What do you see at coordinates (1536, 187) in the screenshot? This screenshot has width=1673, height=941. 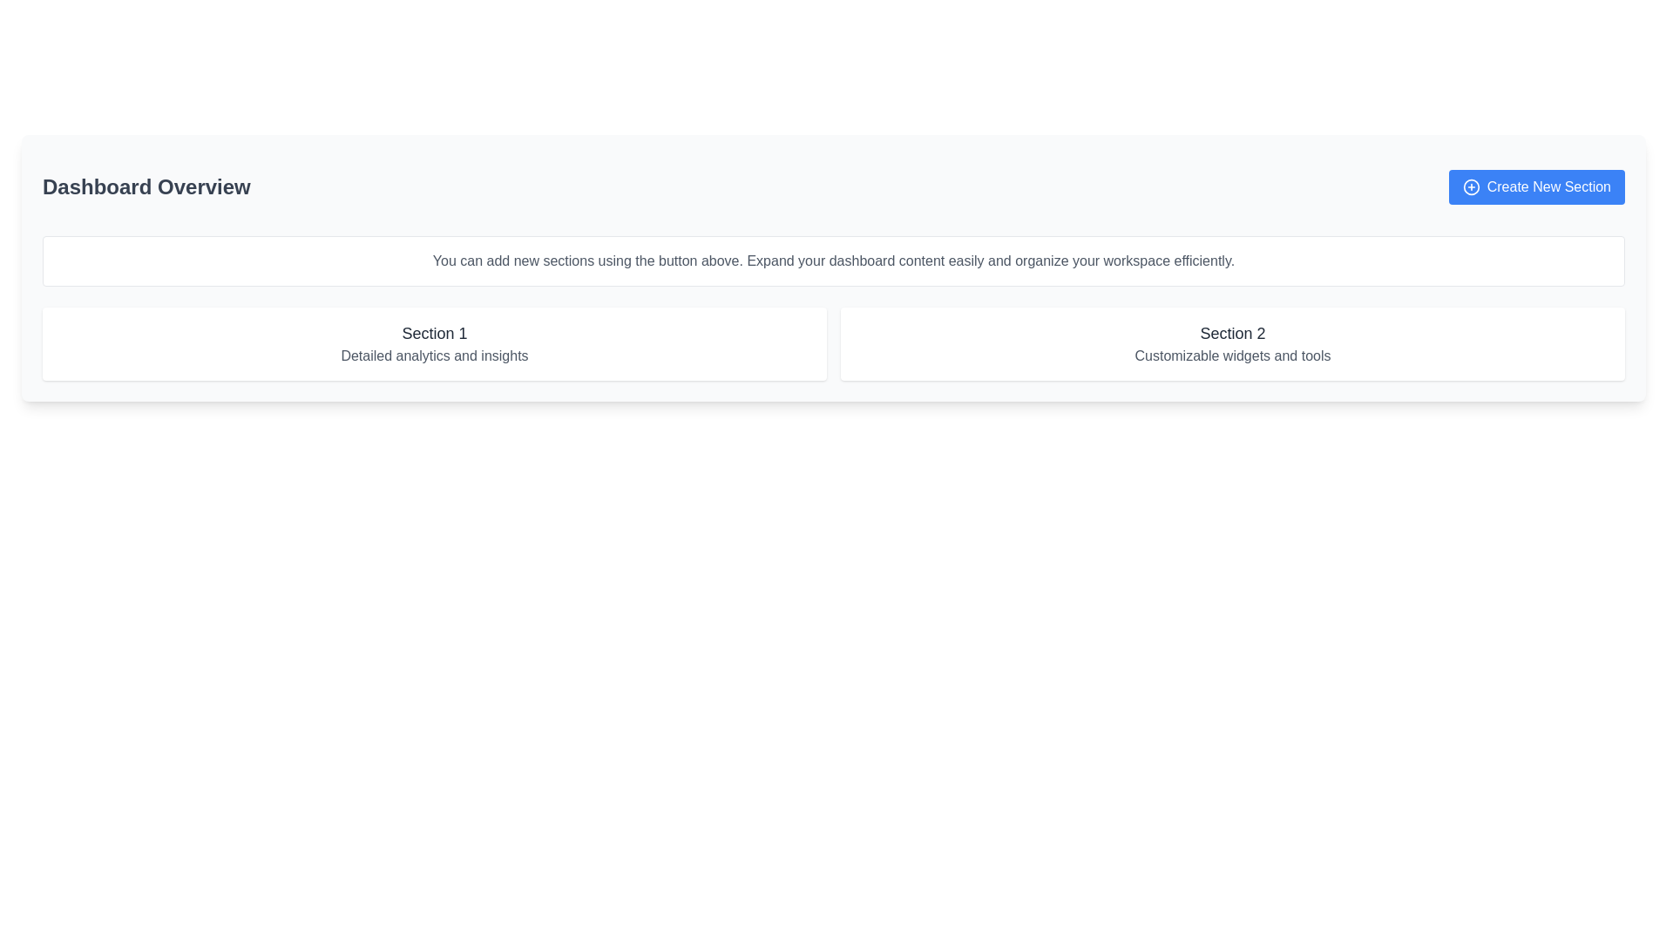 I see `the button labeled 'Create New Section' with a blue background and white text located in the top-right corner of the 'Dashboard Overview' section to create a new section` at bounding box center [1536, 187].